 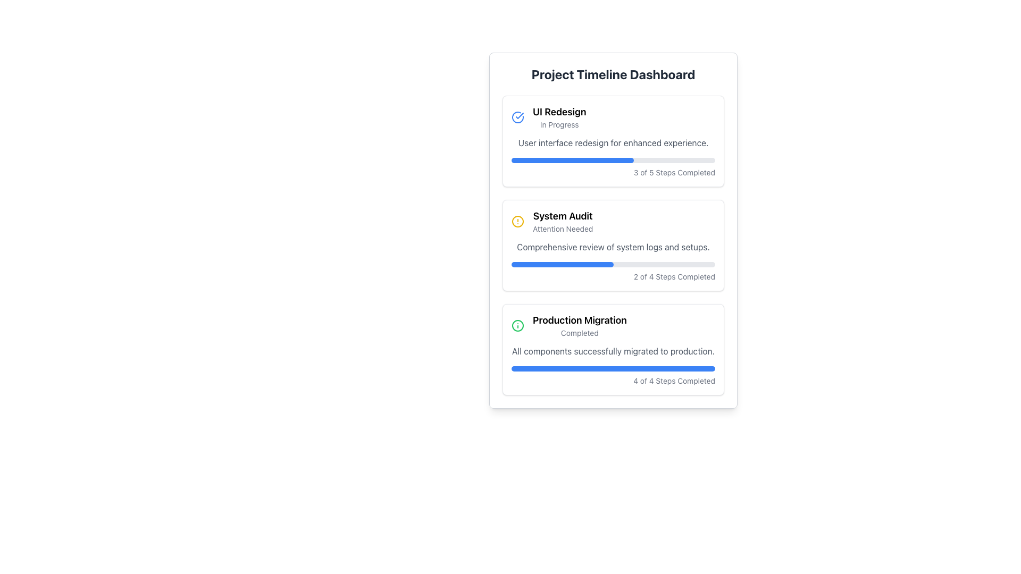 I want to click on the progress bar indicating 60% completion located on the 'UI Redesign' card in the 'Project Timeline Dashboard', so click(x=613, y=160).